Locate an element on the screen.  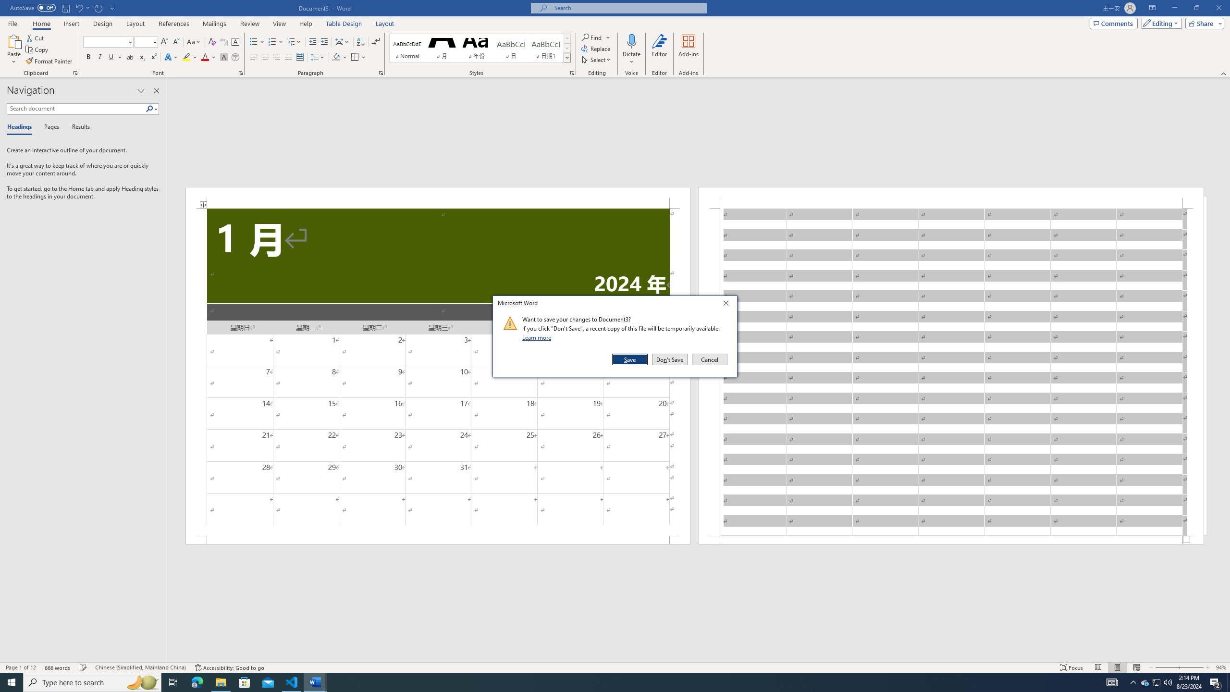
'Language Chinese (Simplified, Mainland China)' is located at coordinates (139, 667).